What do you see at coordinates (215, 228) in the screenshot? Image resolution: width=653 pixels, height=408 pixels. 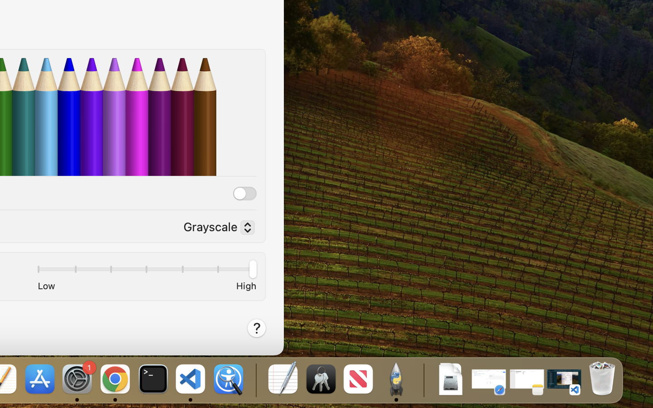 I see `'Grayscale'` at bounding box center [215, 228].